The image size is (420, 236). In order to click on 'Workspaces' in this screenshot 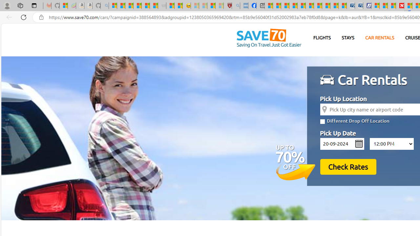, I will do `click(20, 5)`.